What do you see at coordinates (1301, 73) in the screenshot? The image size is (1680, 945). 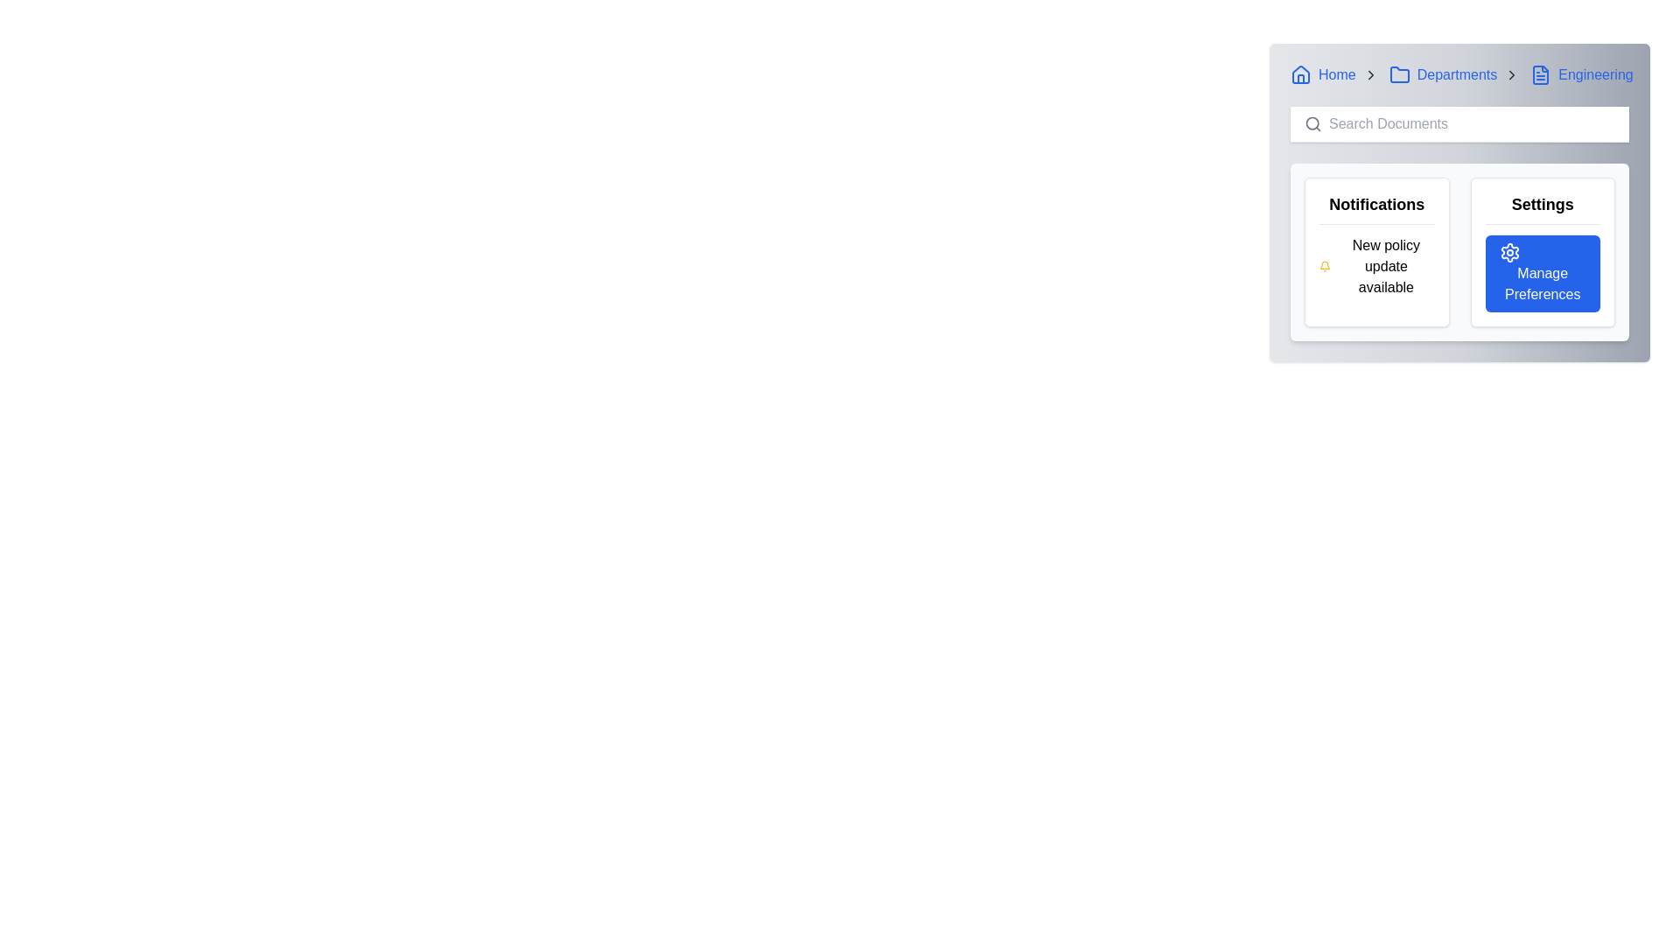 I see `the house icon in the breadcrumb navigation bar` at bounding box center [1301, 73].